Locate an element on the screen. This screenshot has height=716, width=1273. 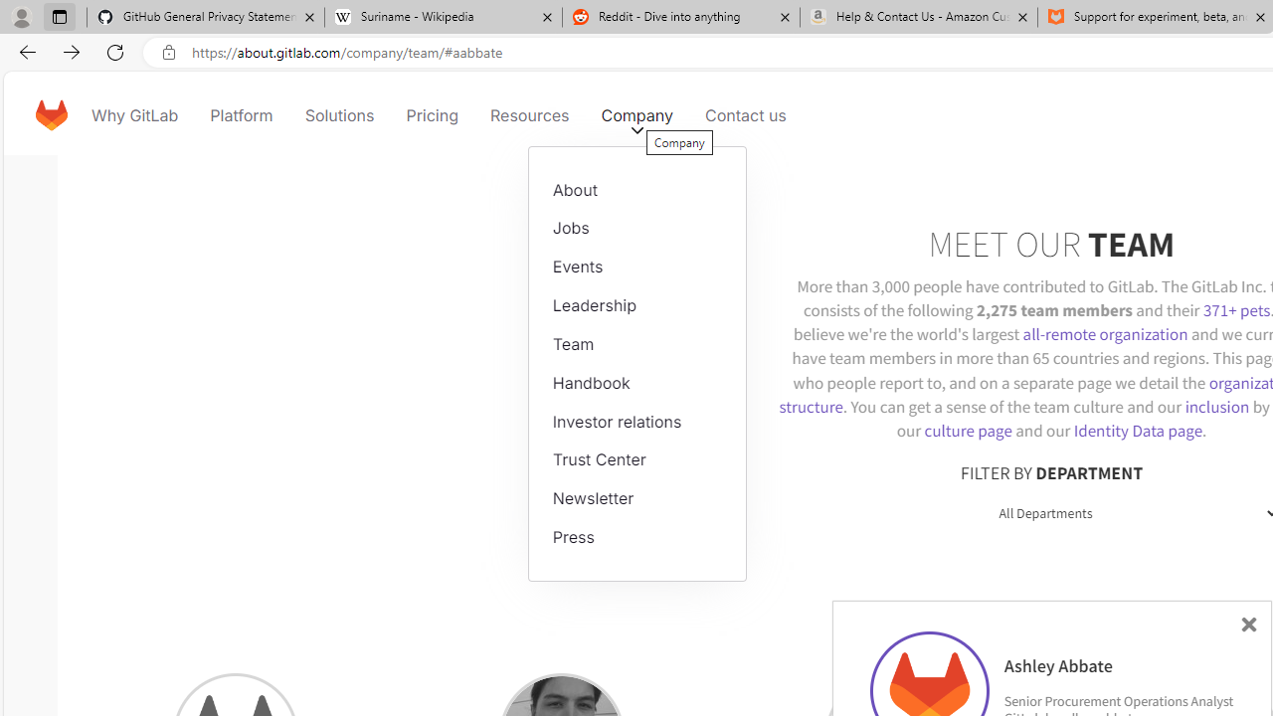
'Contact us' is located at coordinates (745, 114).